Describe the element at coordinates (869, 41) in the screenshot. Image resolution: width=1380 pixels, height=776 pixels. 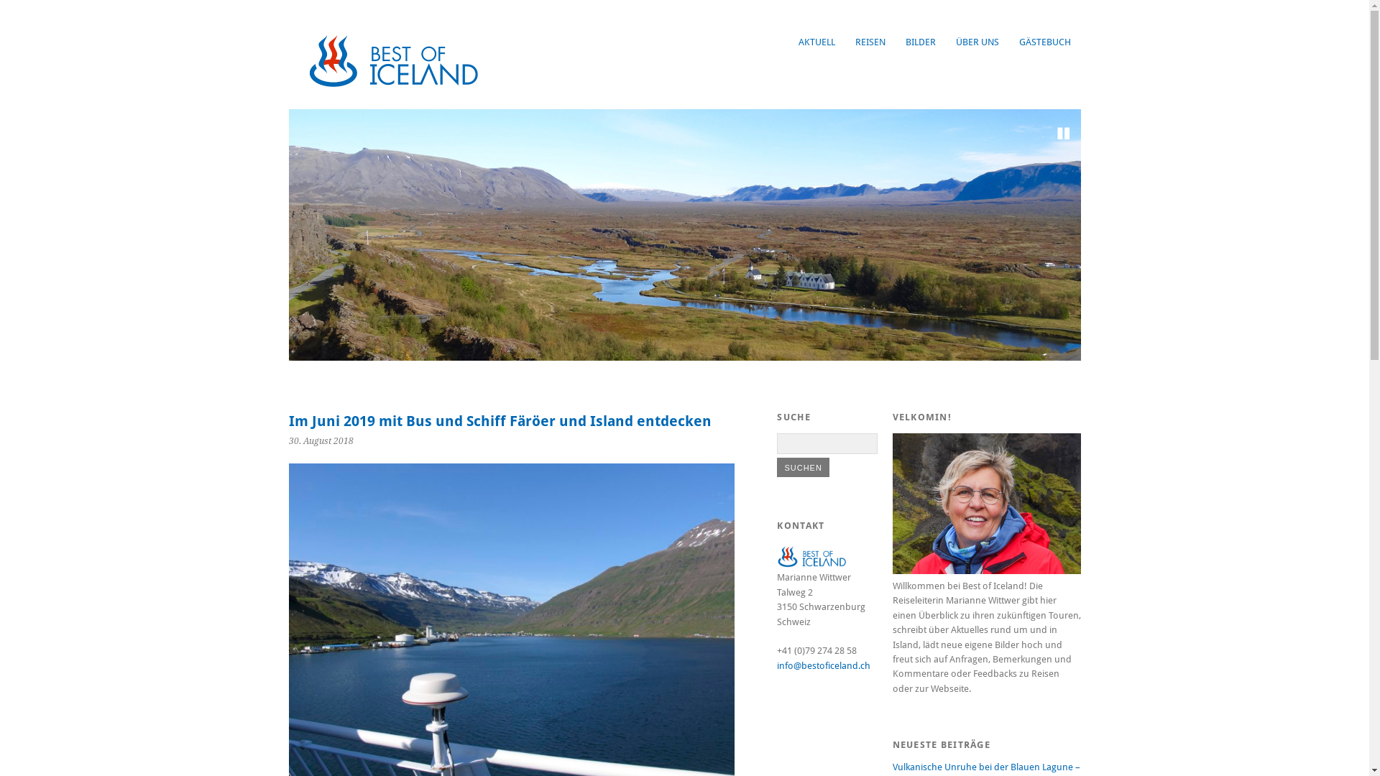
I see `'REISEN'` at that location.